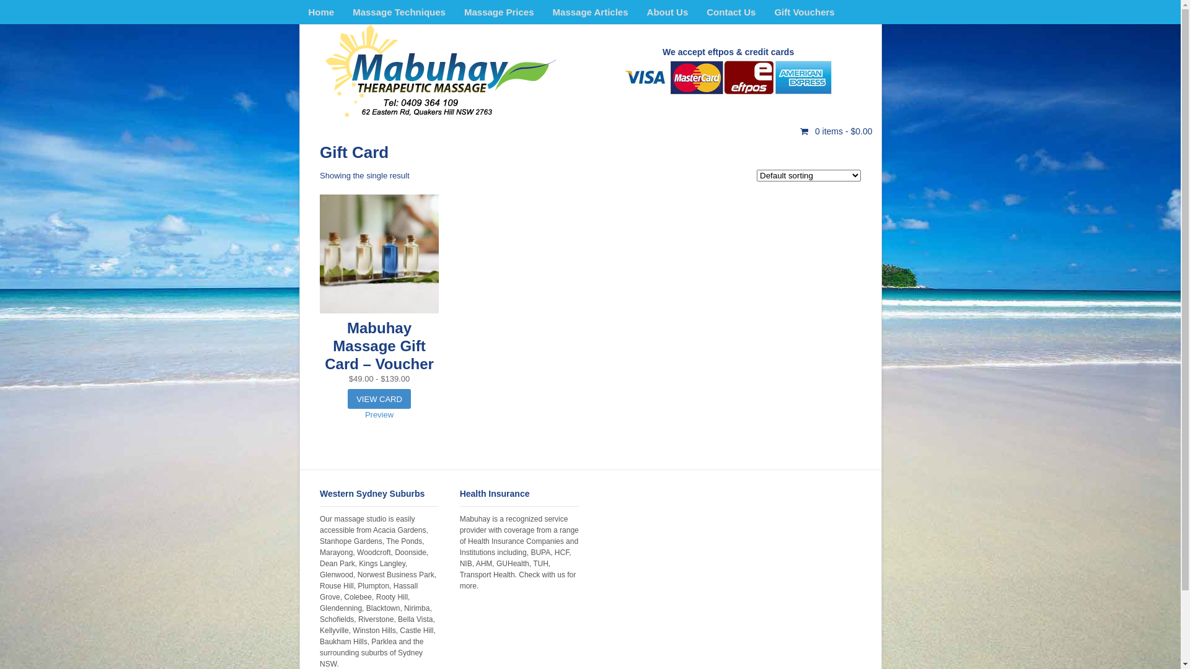 Image resolution: width=1190 pixels, height=669 pixels. What do you see at coordinates (378, 399) in the screenshot?
I see `'VIEW CARD'` at bounding box center [378, 399].